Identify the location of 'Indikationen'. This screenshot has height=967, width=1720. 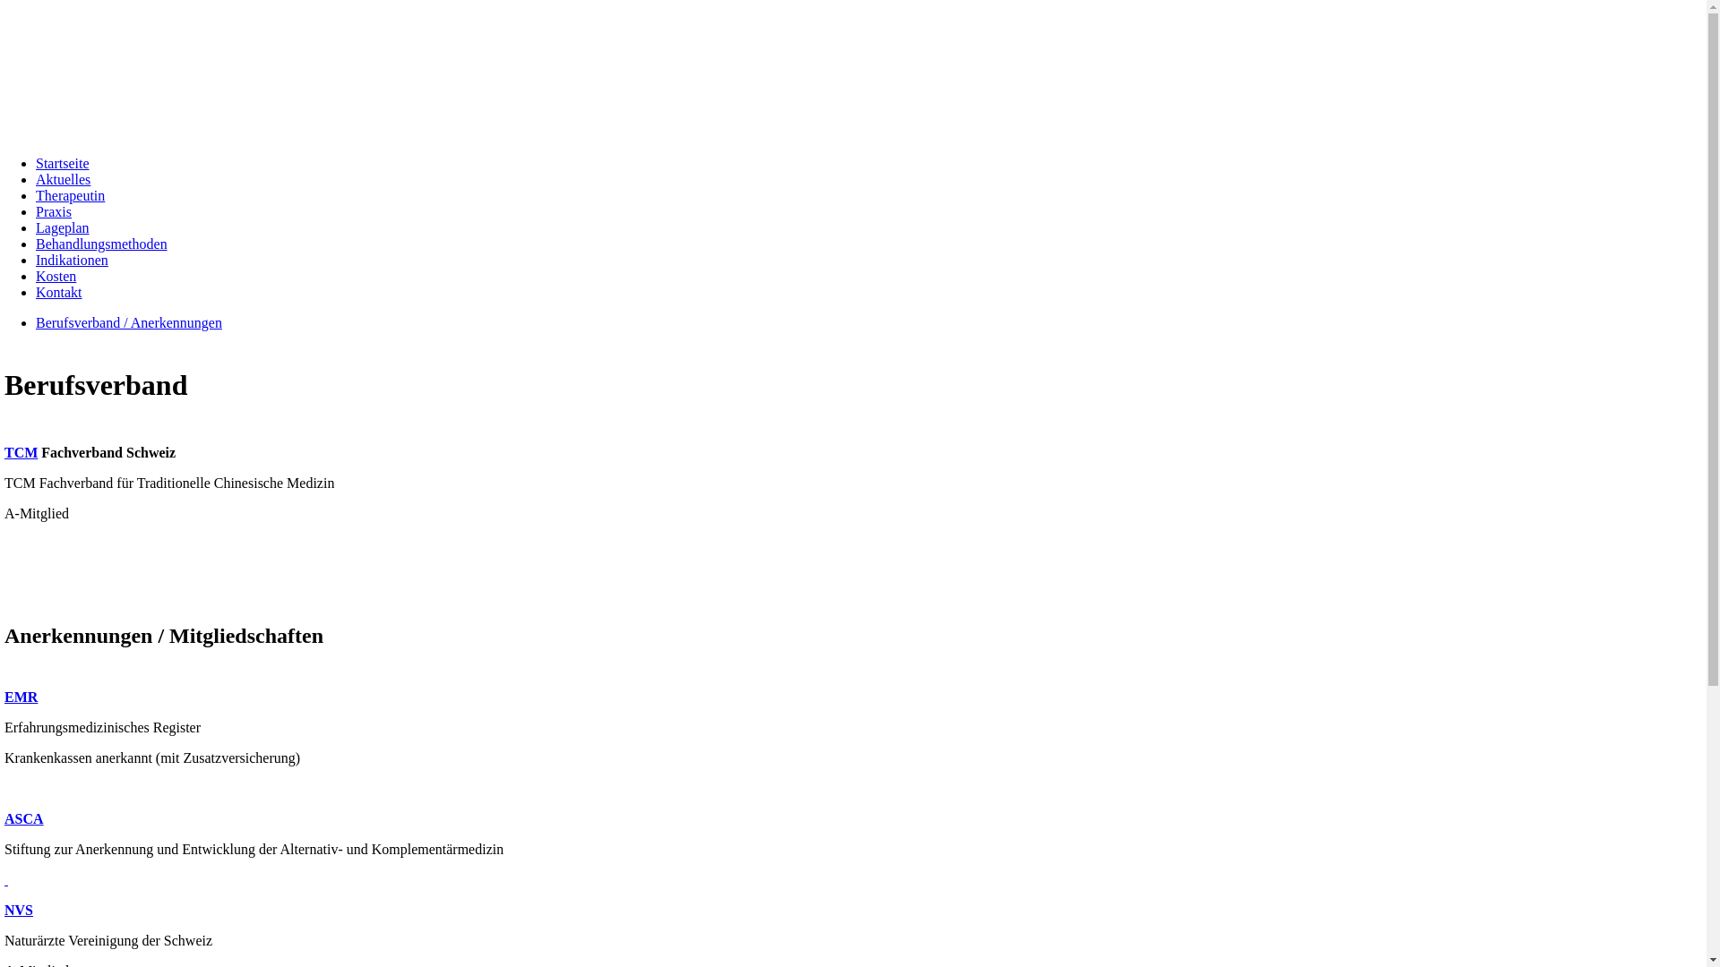
(72, 260).